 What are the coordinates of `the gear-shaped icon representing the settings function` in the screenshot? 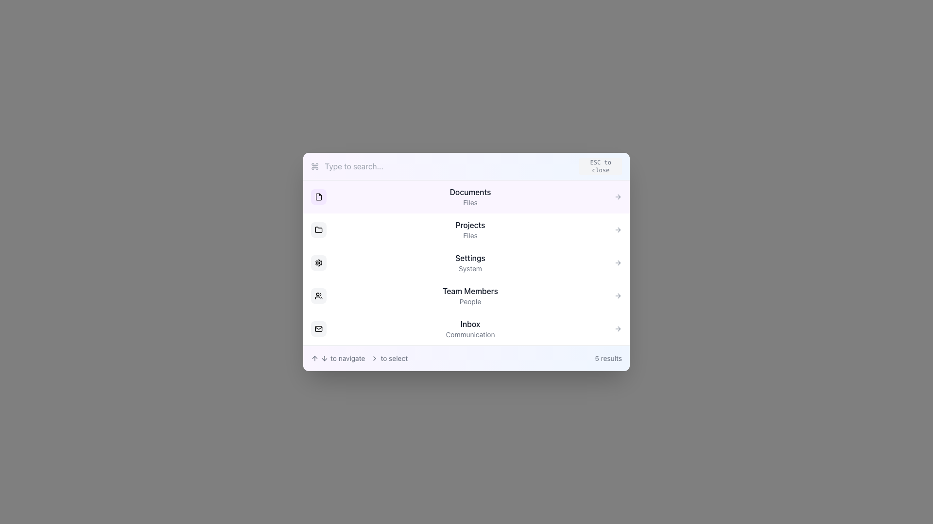 It's located at (319, 263).